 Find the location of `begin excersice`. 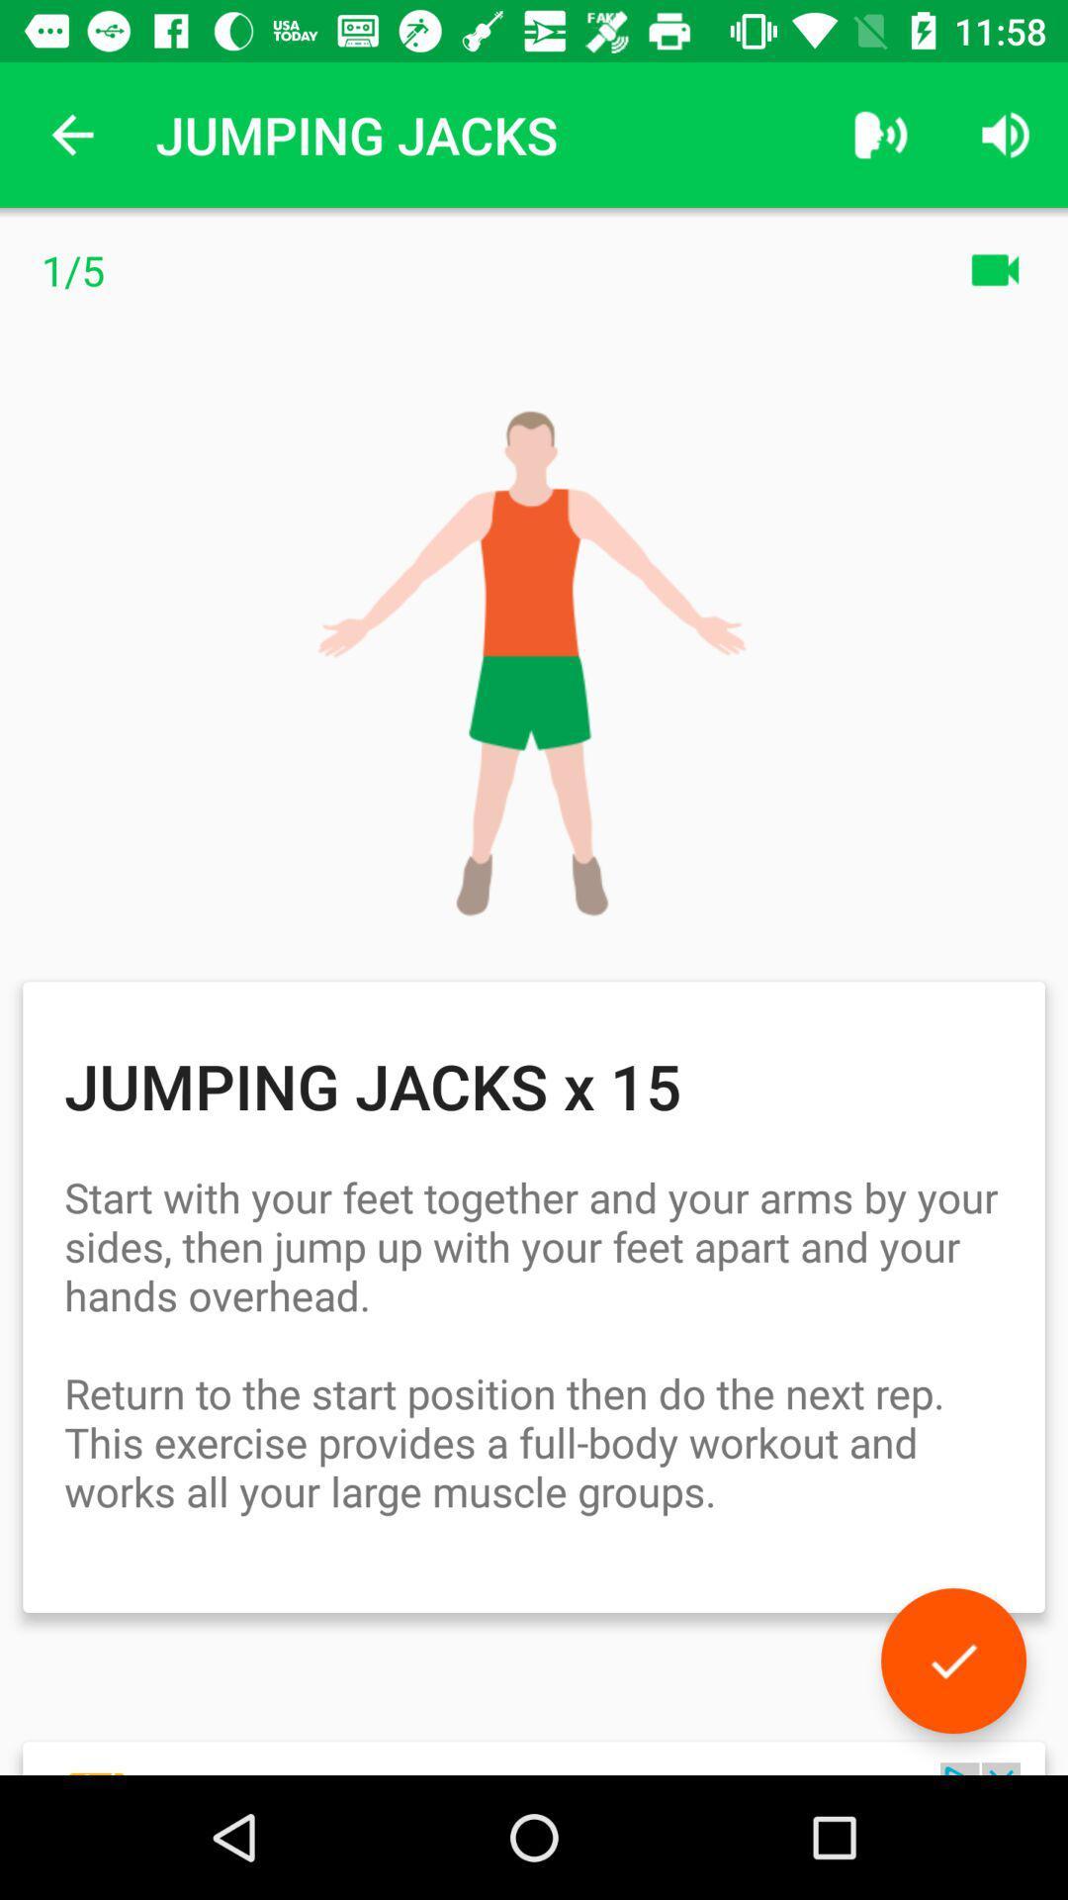

begin excersice is located at coordinates (952, 1661).